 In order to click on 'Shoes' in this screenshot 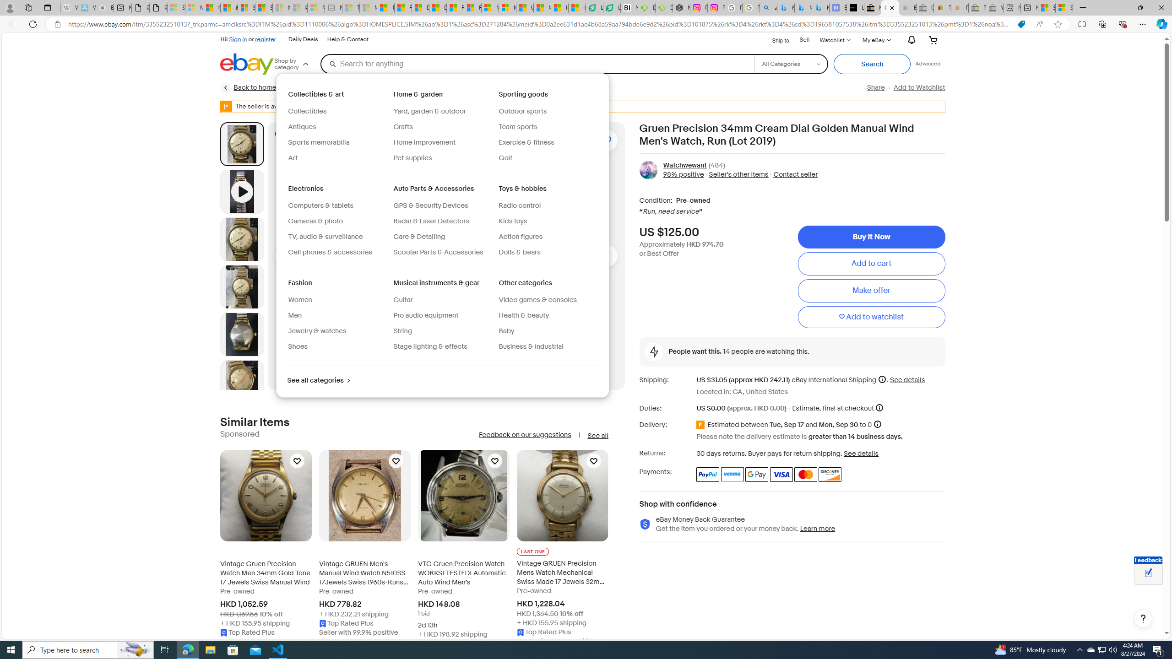, I will do `click(298, 346)`.